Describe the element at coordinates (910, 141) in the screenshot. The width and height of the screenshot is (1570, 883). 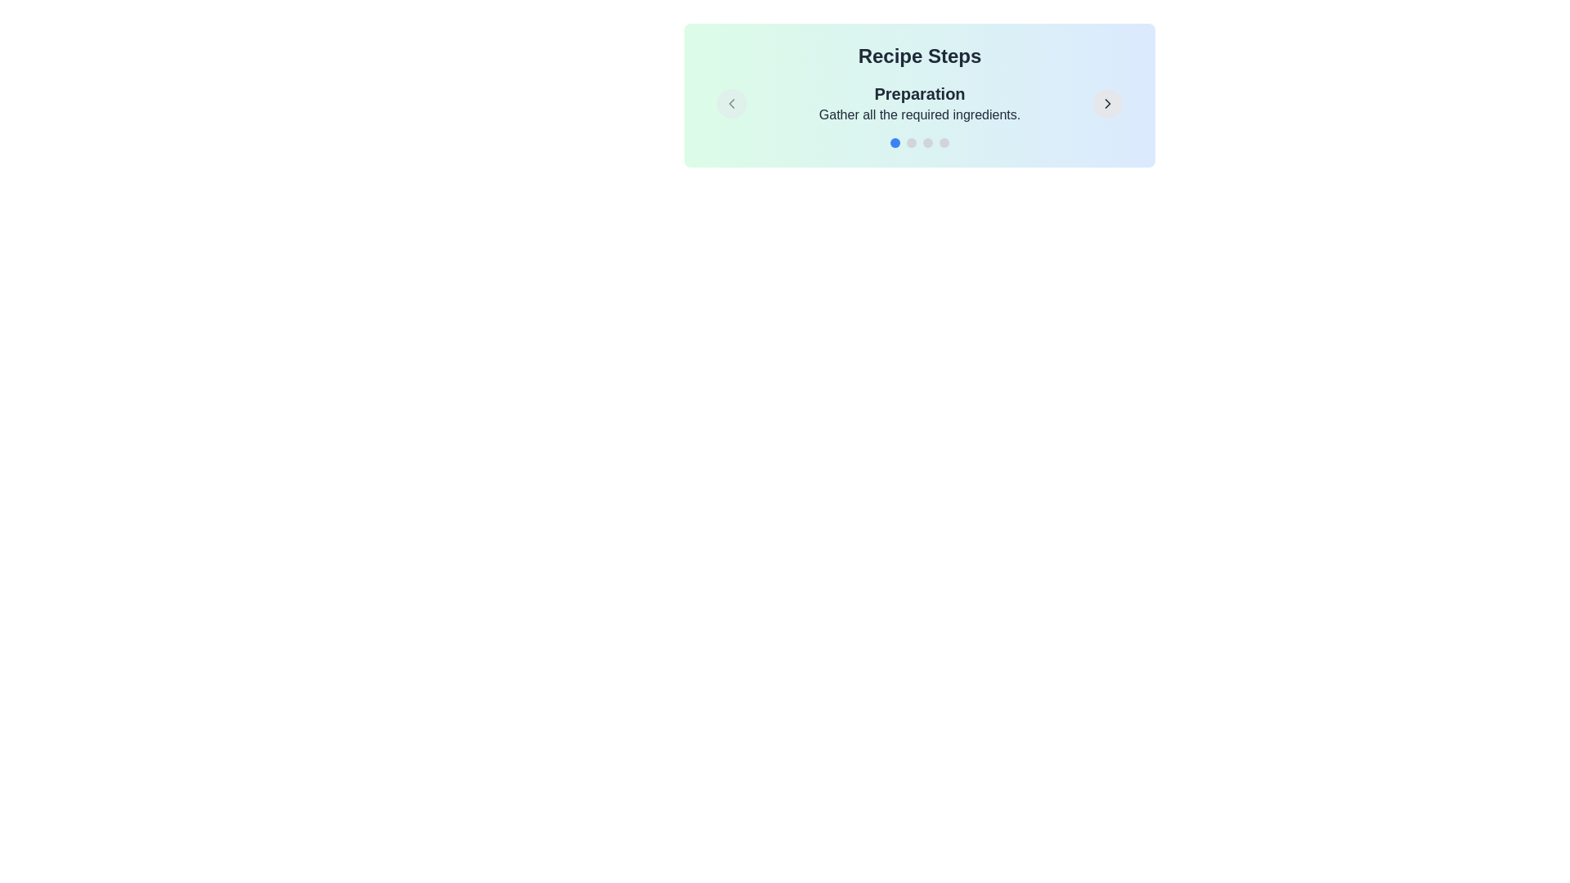
I see `the second indicator dot in the horizontal row of four dots at the center-bottom of the 'Recipe Steps' card` at that location.